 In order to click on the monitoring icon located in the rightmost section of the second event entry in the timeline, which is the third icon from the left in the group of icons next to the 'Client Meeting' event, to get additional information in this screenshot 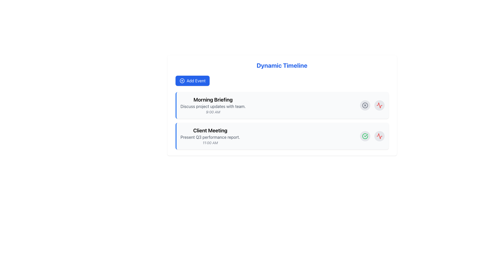, I will do `click(379, 105)`.